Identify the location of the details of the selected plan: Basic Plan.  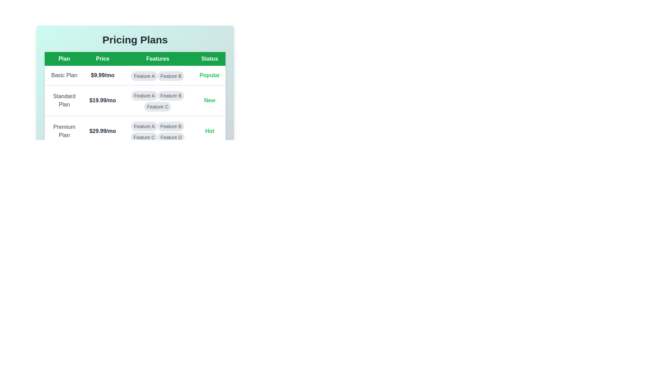
(64, 75).